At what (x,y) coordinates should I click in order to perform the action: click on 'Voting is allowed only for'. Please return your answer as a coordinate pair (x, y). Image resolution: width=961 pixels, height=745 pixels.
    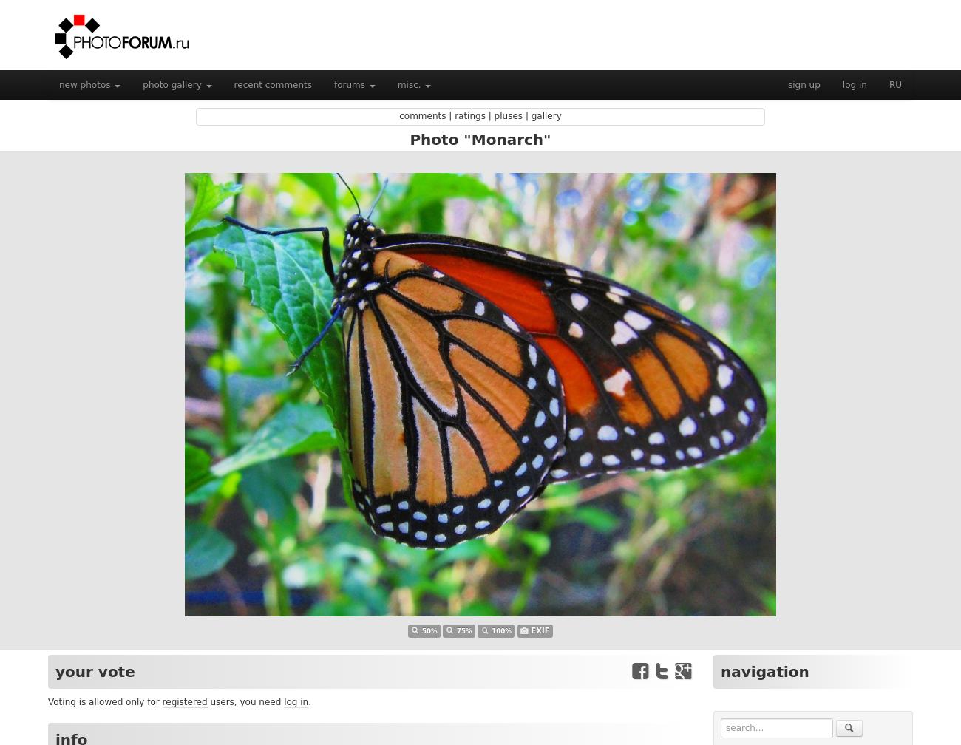
    Looking at the image, I should click on (103, 702).